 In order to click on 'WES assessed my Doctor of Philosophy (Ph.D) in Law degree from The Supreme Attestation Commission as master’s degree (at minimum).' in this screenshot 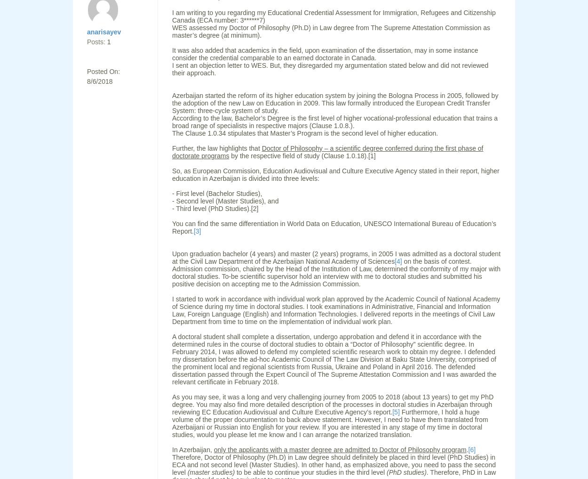, I will do `click(330, 32)`.